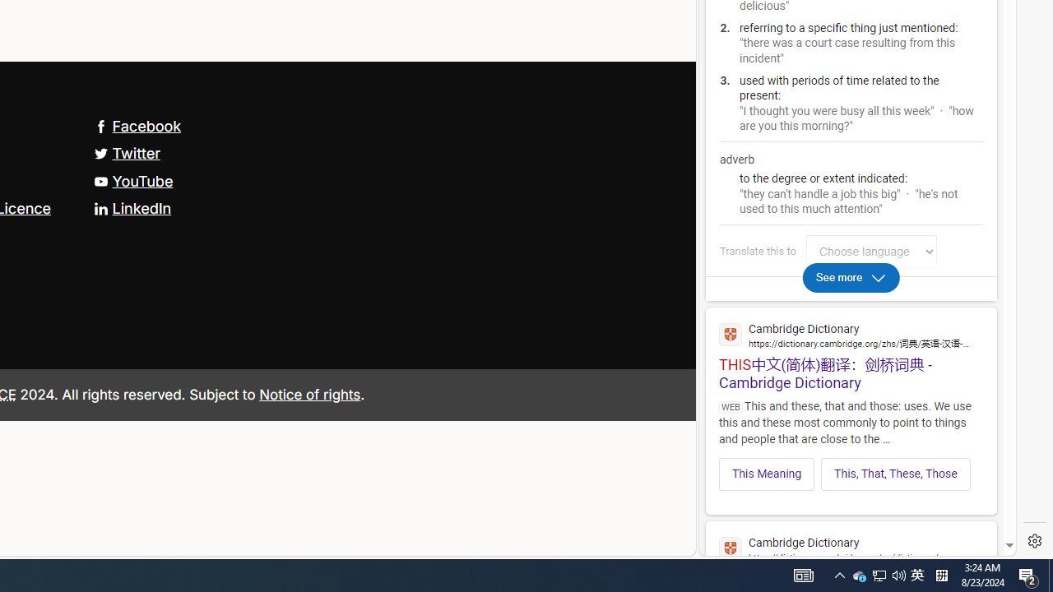 The height and width of the screenshot is (592, 1053). I want to click on 'Cambridge Dictionary', so click(851, 548).